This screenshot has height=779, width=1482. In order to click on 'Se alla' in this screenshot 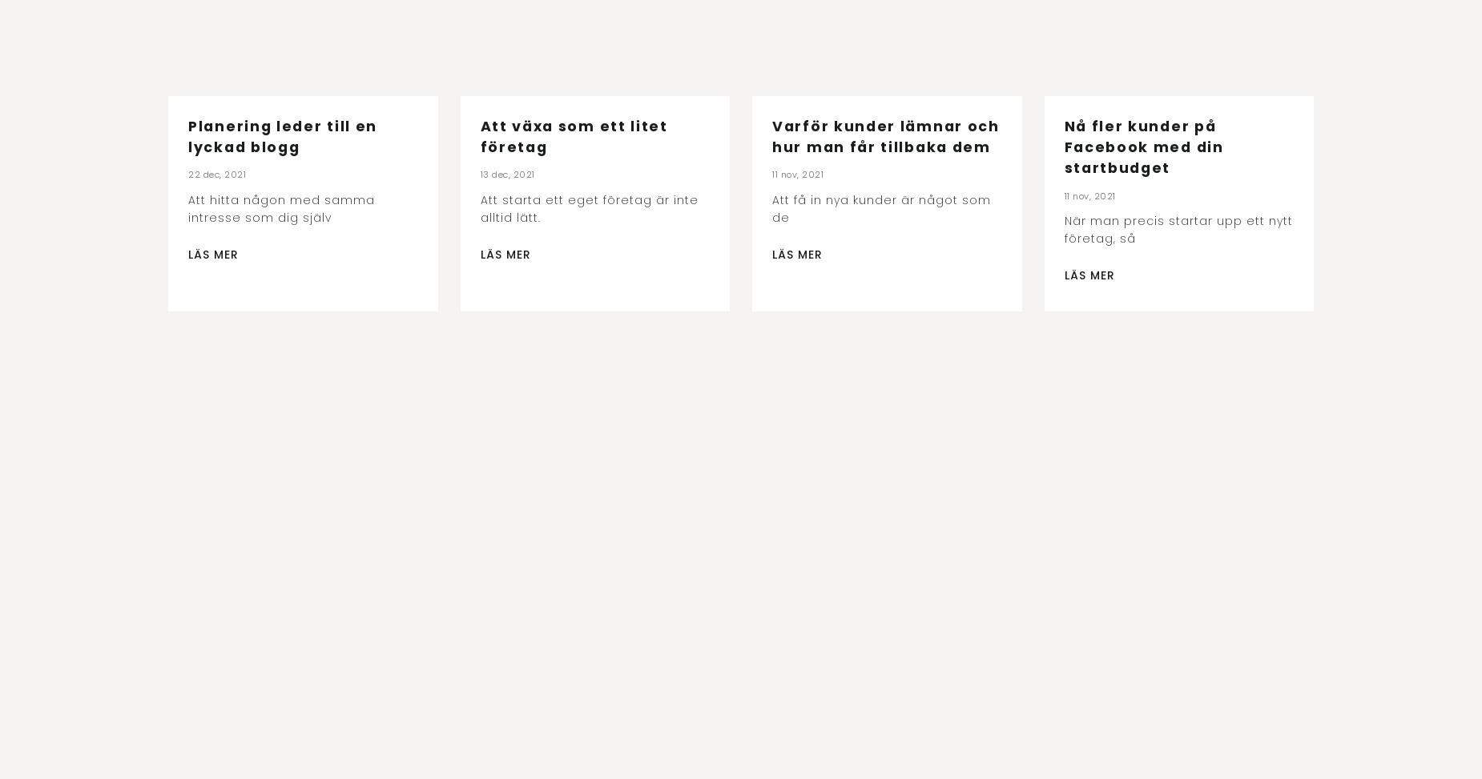, I will do `click(195, 41)`.